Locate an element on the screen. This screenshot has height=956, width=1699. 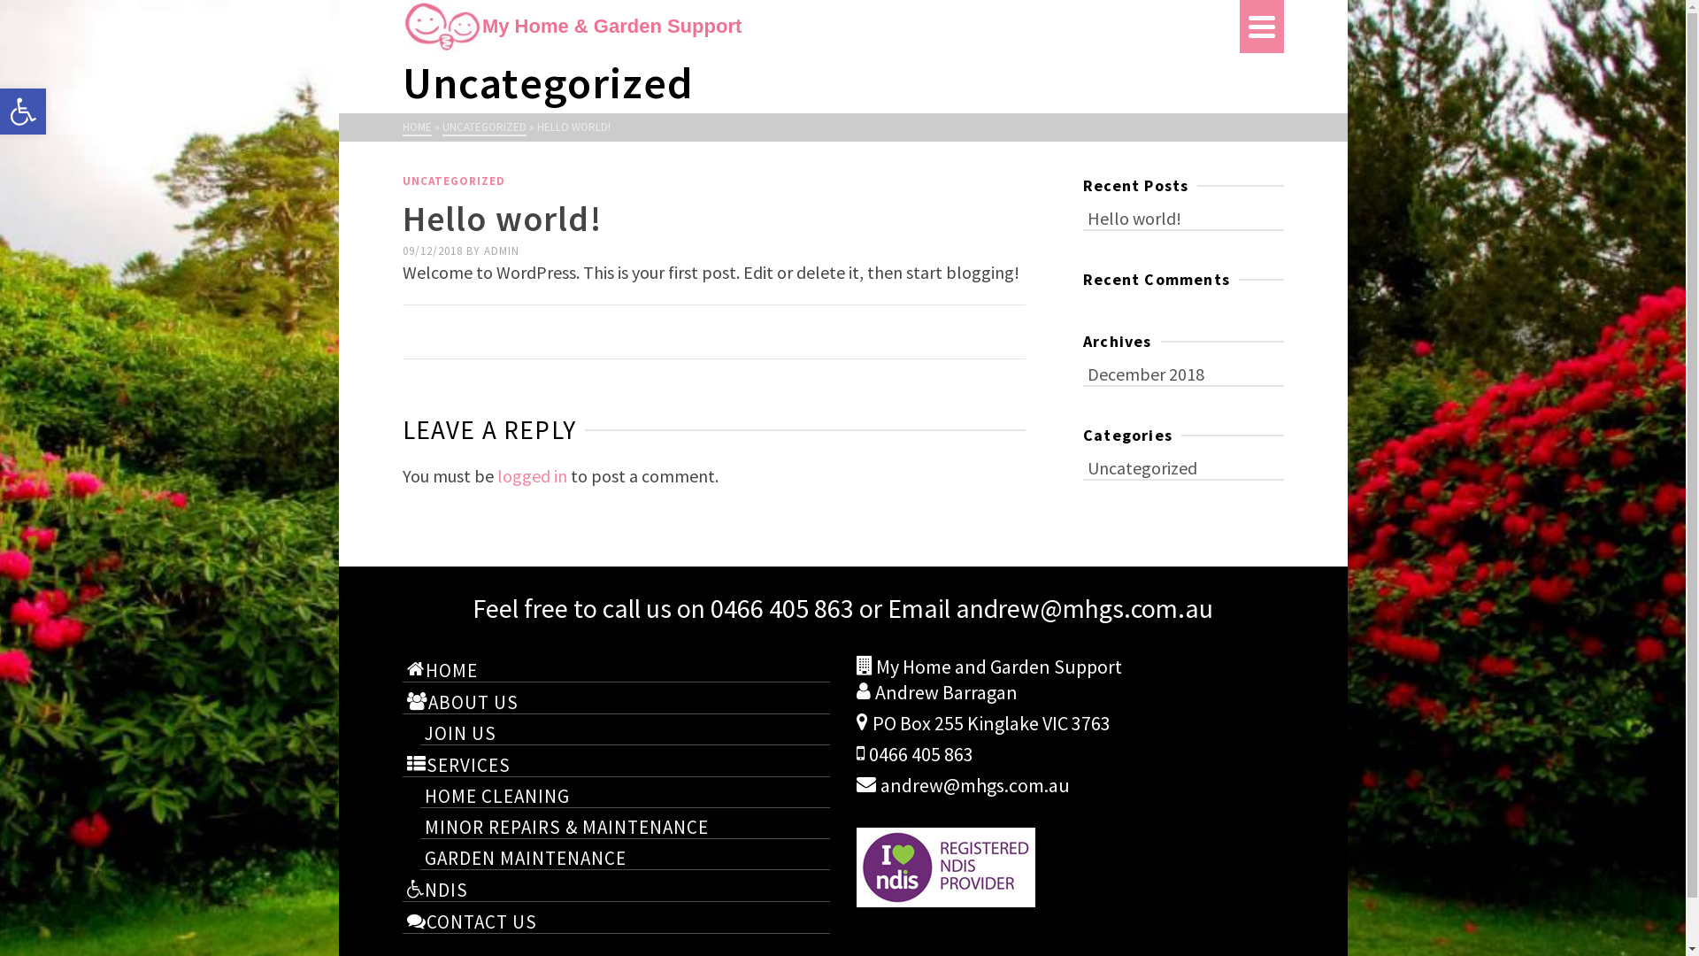
'SERVICES' is located at coordinates (615, 762).